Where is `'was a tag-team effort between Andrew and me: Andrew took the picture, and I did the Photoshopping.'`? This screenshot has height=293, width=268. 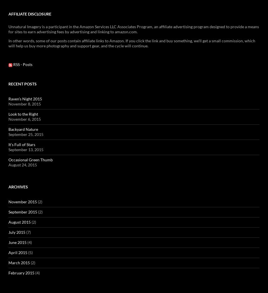
'was a tag-team effort between Andrew and me: Andrew took the picture, and I did the Photoshopping.' is located at coordinates (129, 219).